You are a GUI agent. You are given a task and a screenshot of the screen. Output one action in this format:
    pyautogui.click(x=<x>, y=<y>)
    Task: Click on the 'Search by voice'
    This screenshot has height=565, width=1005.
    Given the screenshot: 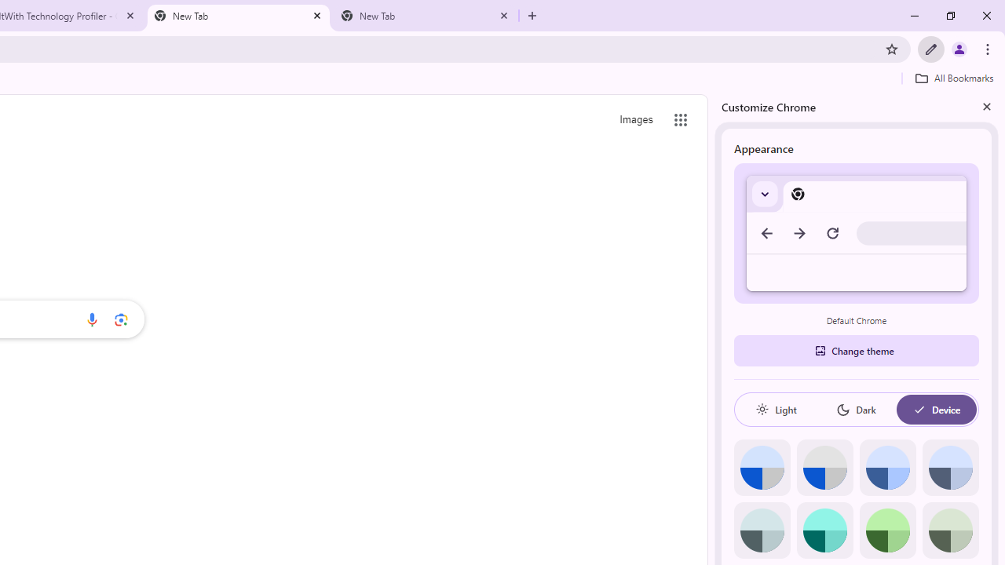 What is the action you would take?
    pyautogui.click(x=91, y=319)
    